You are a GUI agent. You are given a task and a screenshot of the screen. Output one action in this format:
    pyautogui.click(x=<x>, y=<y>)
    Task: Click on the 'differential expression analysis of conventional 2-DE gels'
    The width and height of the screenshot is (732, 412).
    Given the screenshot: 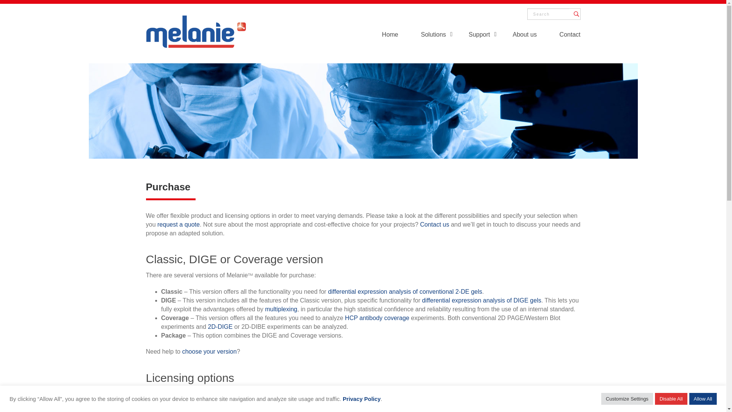 What is the action you would take?
    pyautogui.click(x=404, y=291)
    